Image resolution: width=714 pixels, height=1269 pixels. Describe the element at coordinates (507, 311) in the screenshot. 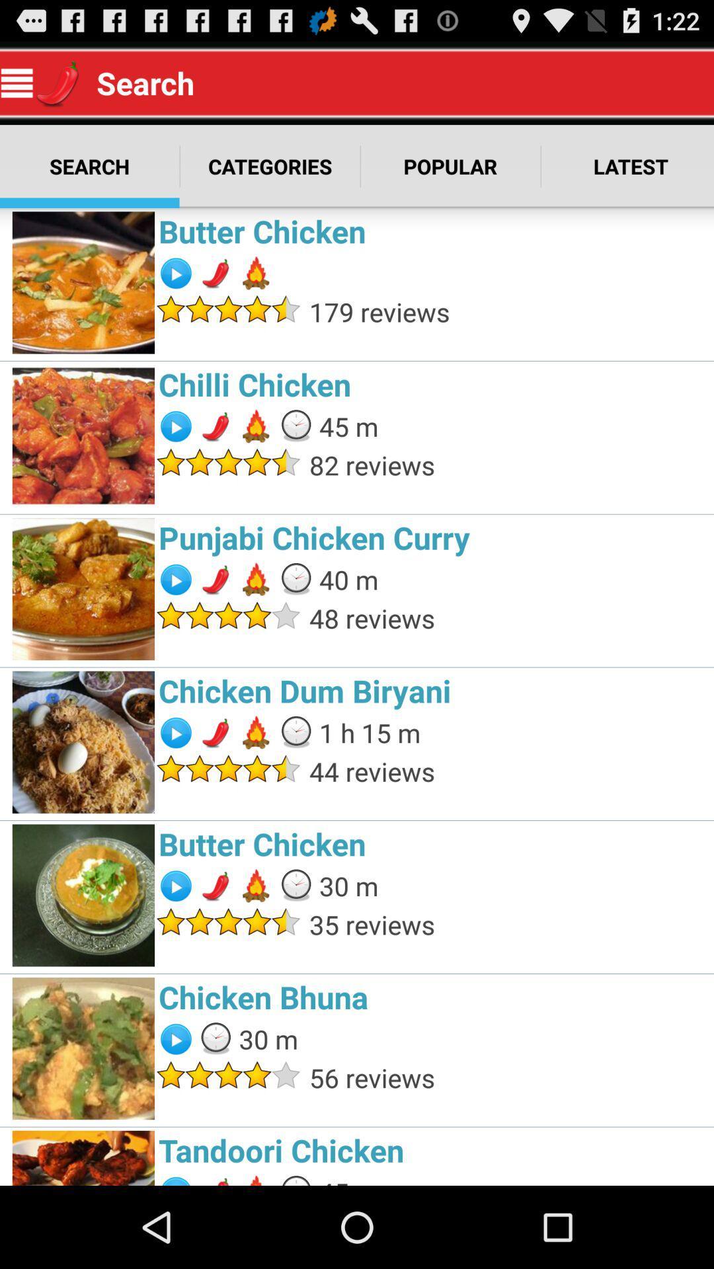

I see `179 reviews item` at that location.